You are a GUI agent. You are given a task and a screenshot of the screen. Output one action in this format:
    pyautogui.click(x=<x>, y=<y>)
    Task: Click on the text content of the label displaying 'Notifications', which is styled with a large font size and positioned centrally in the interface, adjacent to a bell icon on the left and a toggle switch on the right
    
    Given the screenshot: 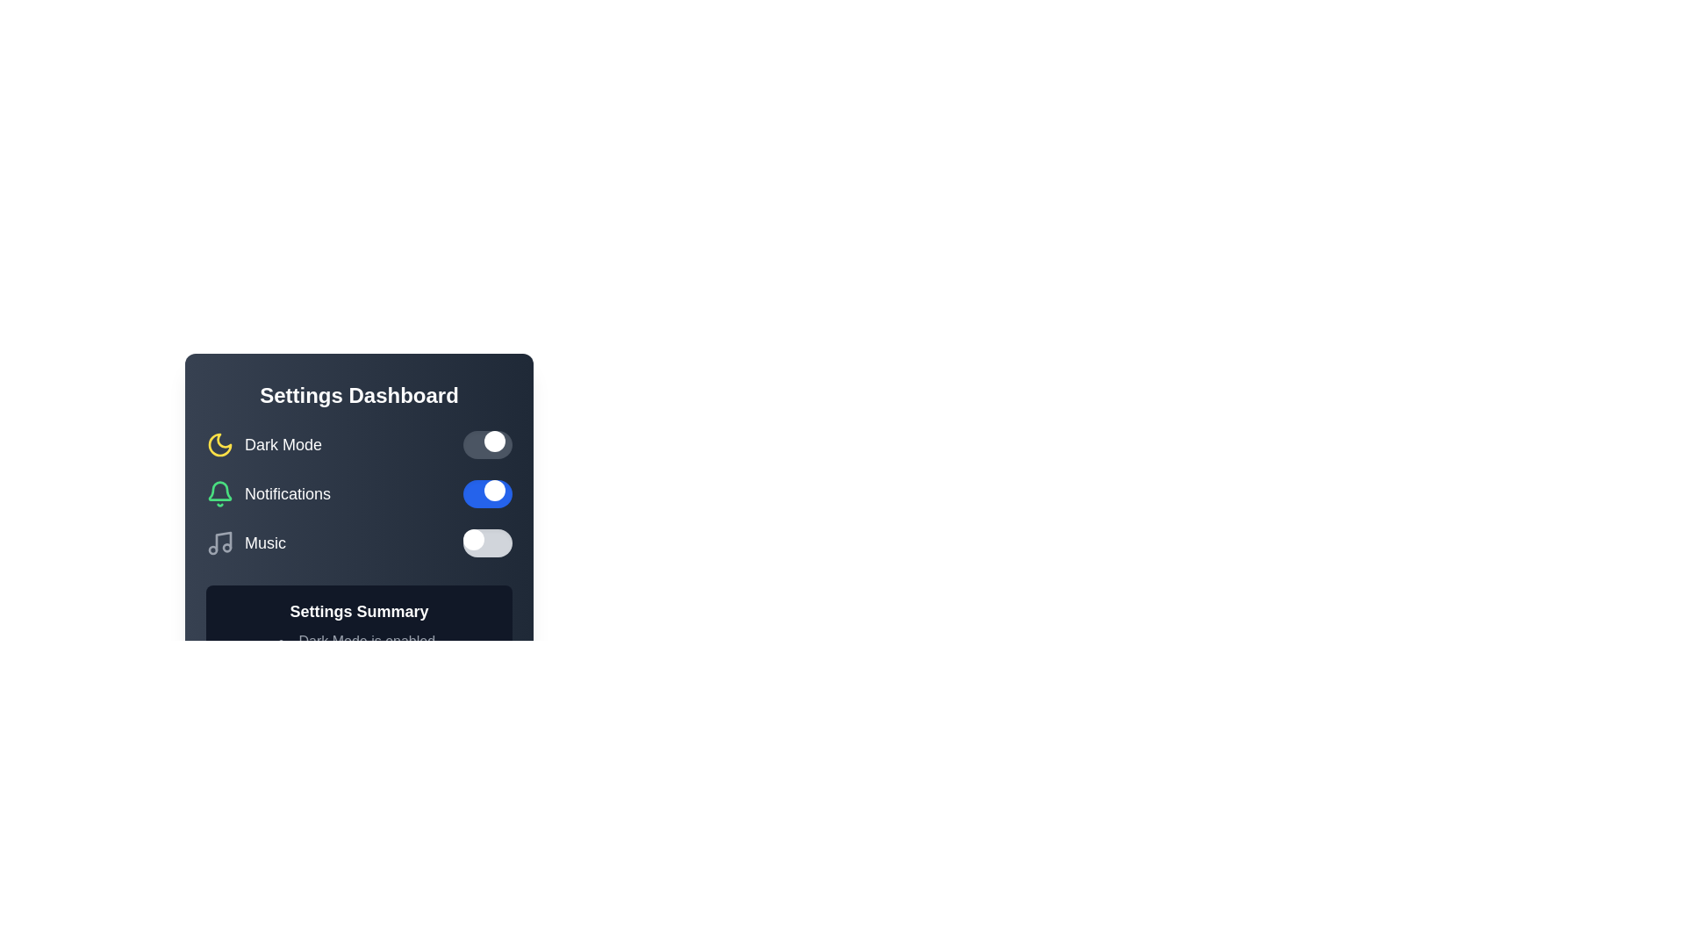 What is the action you would take?
    pyautogui.click(x=287, y=494)
    